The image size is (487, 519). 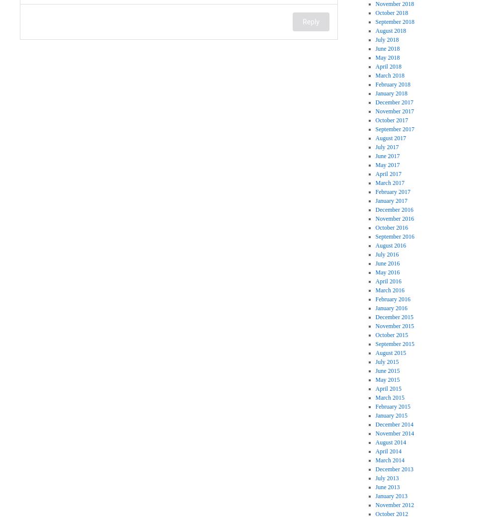 I want to click on 'August 2014', so click(x=390, y=442).